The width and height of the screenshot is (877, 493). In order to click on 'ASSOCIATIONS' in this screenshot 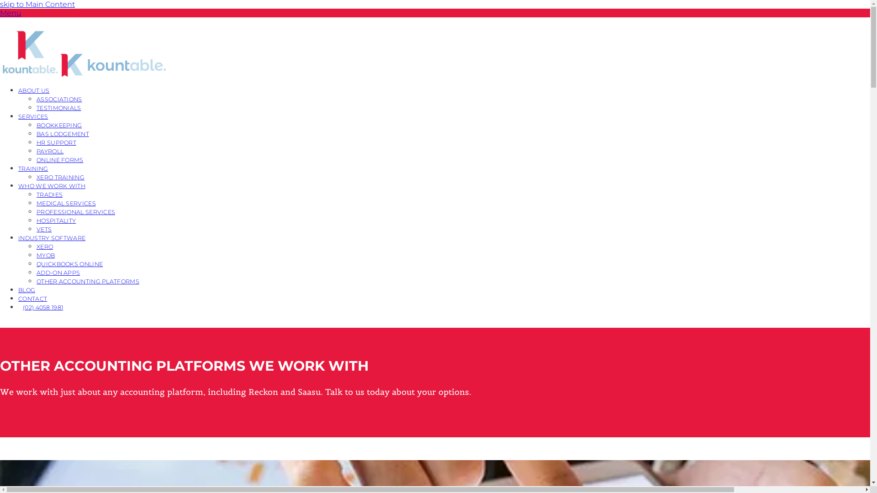, I will do `click(58, 99)`.